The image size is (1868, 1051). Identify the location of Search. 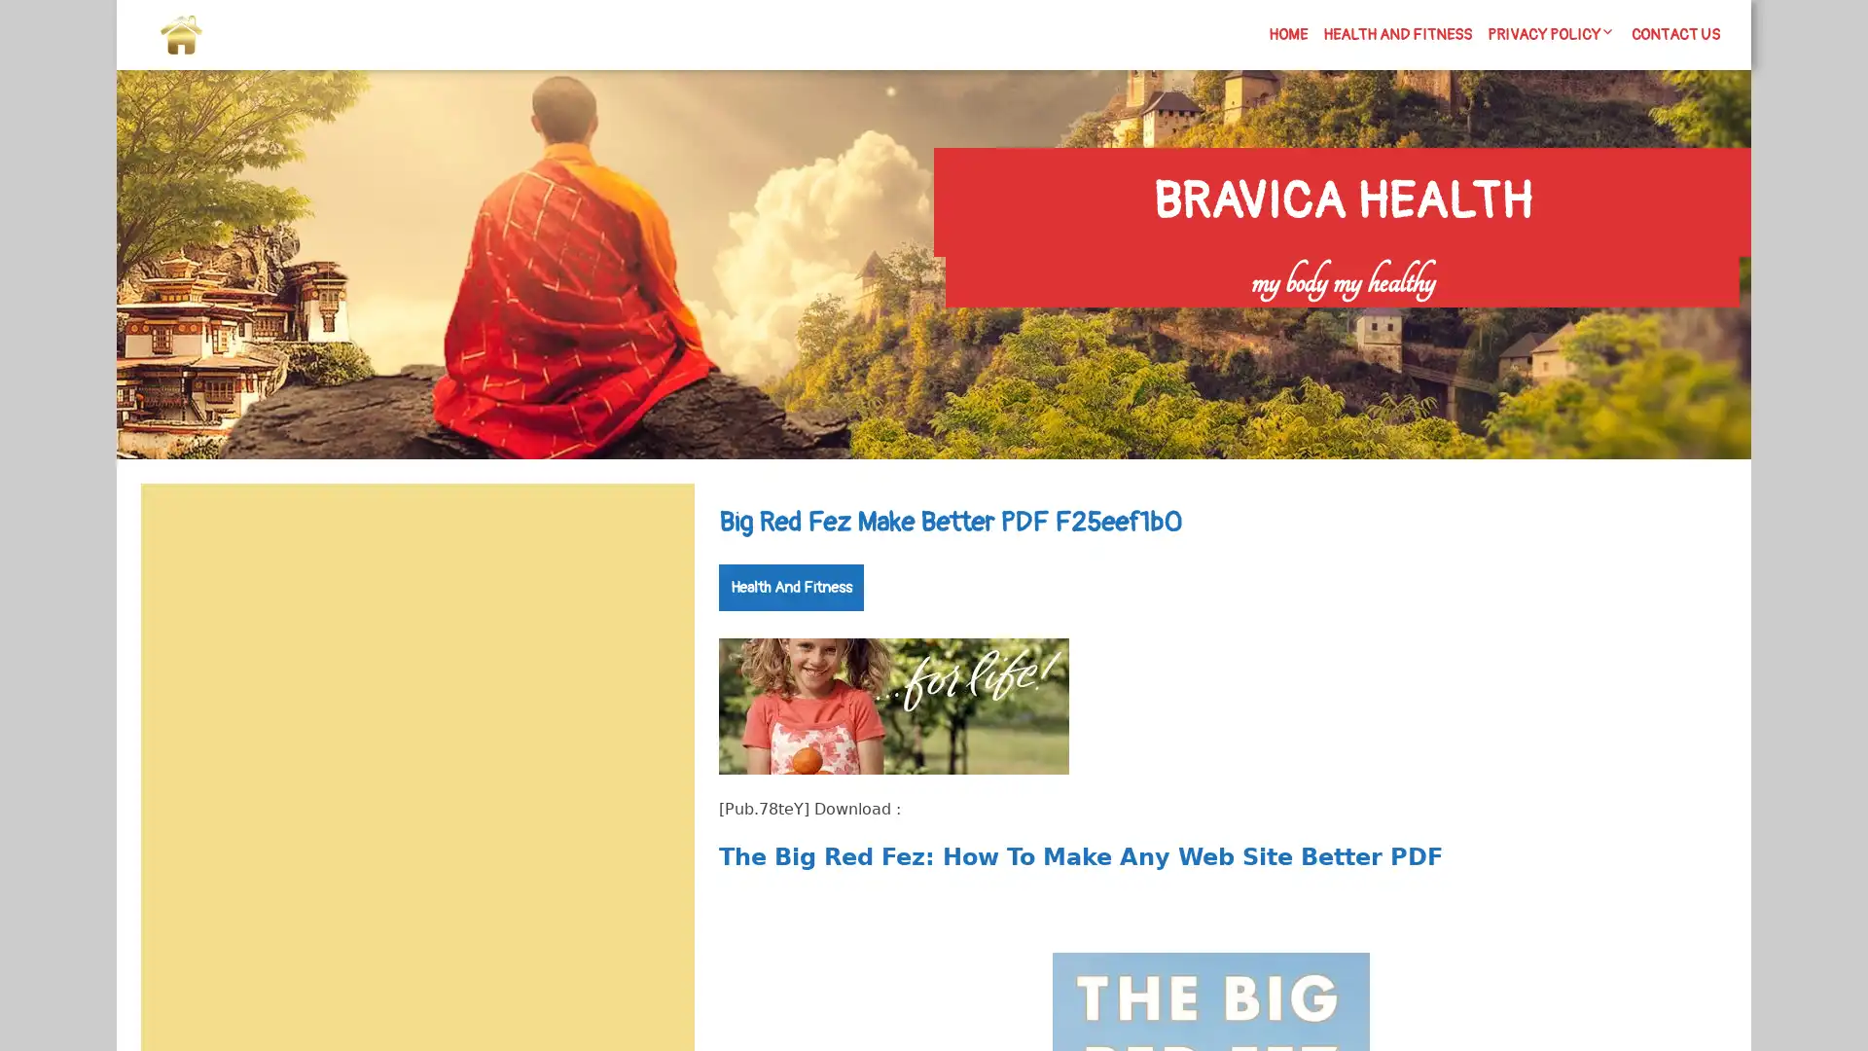
(649, 530).